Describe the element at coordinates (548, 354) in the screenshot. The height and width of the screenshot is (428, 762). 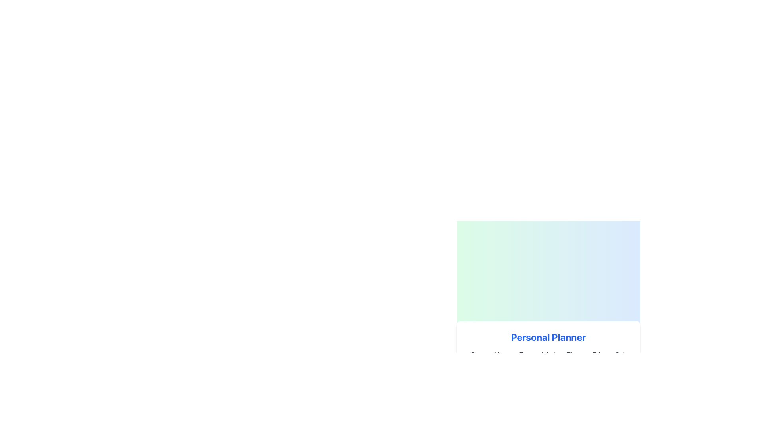
I see `the static text element displaying 'Wed', which is the fourth abbreviation in a horizontal list of days of the week, located near the bottom of the 'Personal Planner' box` at that location.